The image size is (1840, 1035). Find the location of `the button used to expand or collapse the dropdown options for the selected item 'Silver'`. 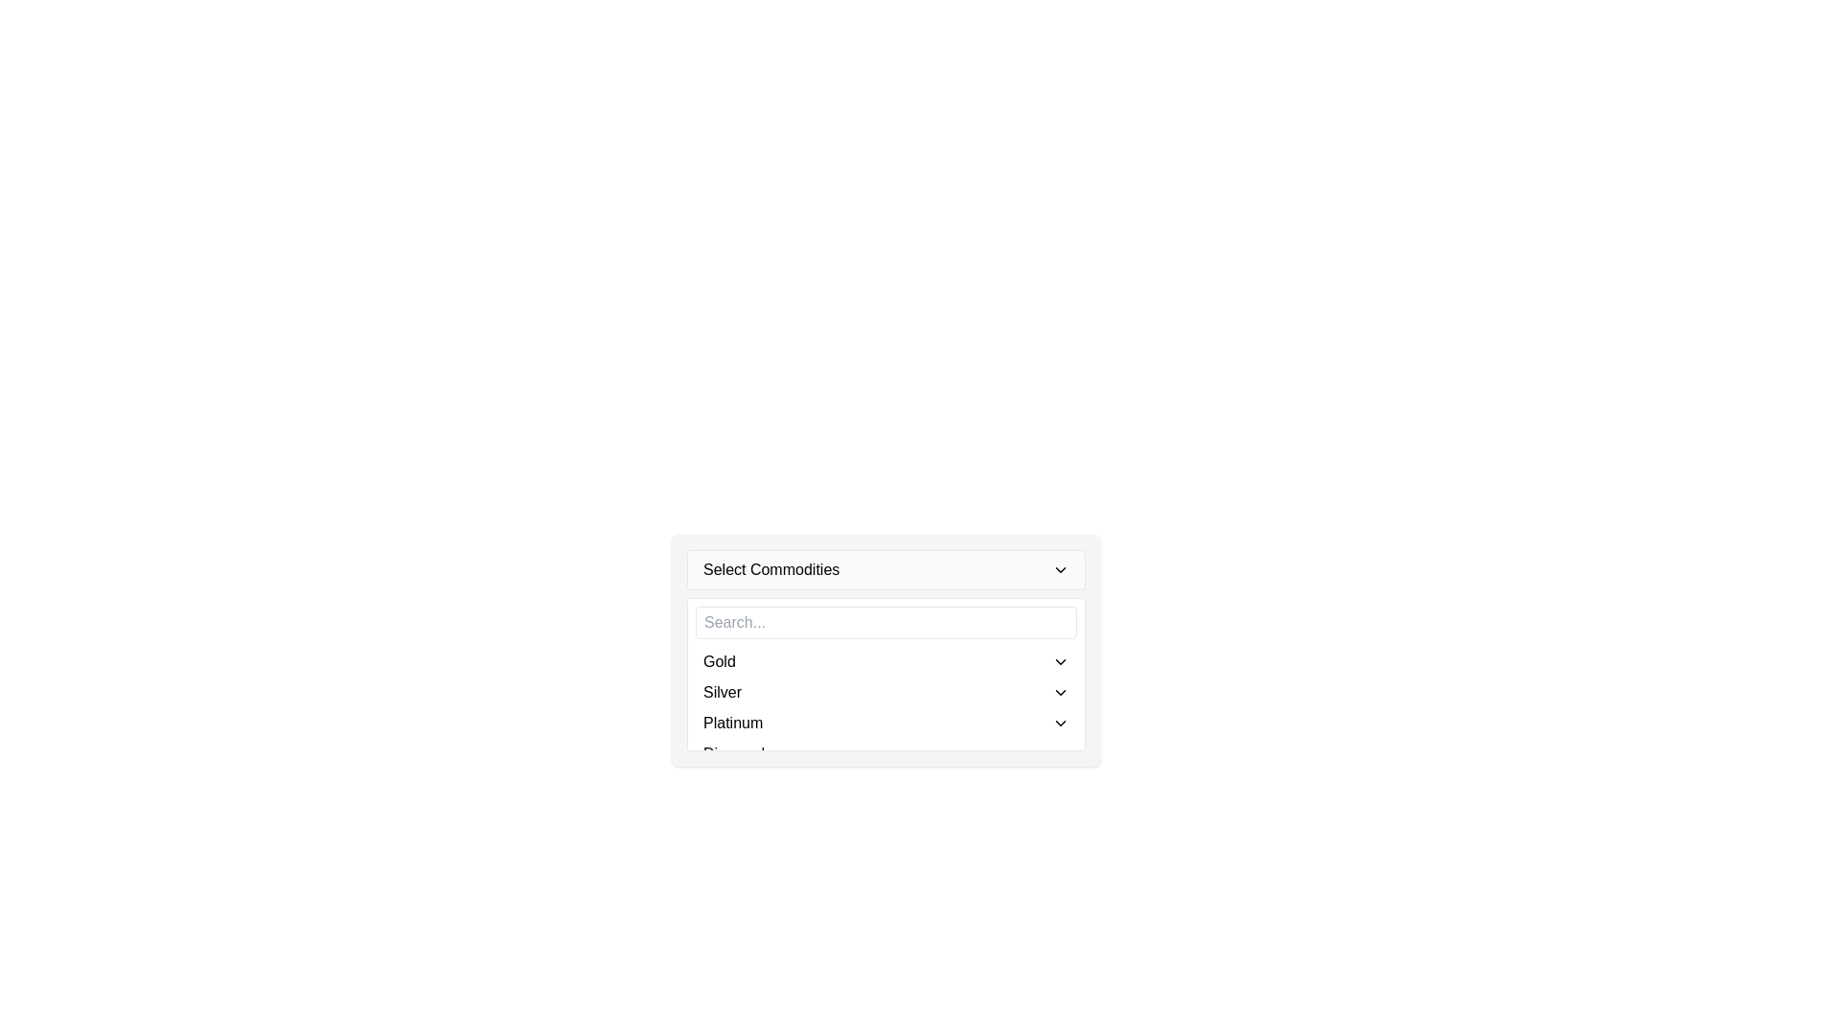

the button used to expand or collapse the dropdown options for the selected item 'Silver' is located at coordinates (1060, 692).